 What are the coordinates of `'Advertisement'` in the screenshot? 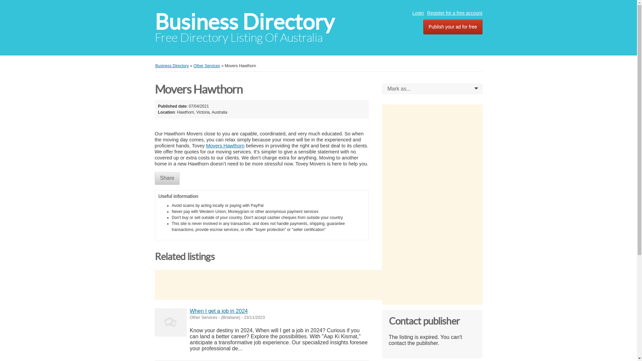 It's located at (432, 204).